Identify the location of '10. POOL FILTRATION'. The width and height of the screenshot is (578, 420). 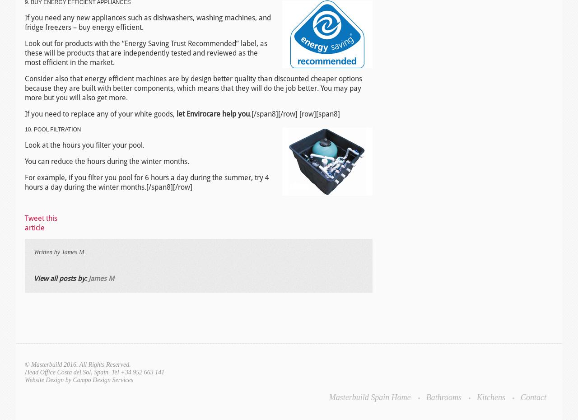
(52, 129).